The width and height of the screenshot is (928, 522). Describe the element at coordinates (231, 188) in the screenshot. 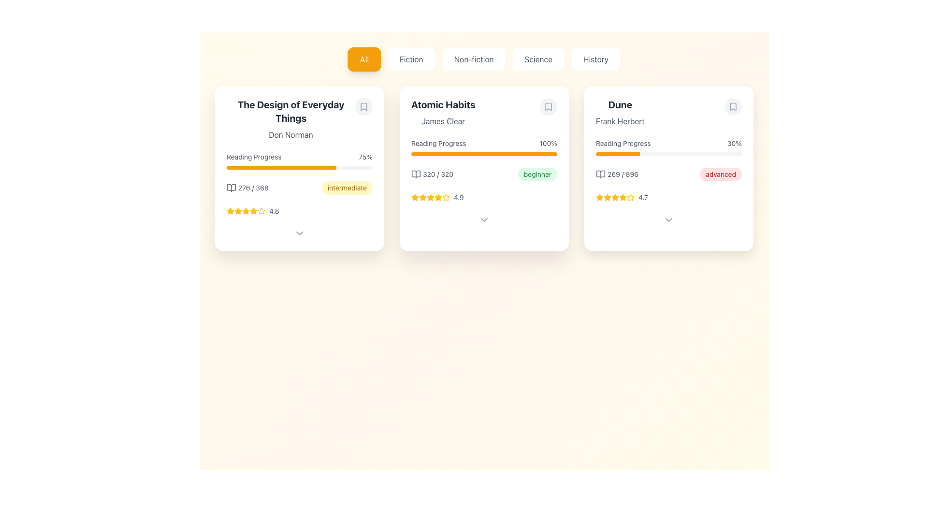

I see `the open book icon in the 'Reading Progress' section of the first card, which is gray and has smooth edges` at that location.